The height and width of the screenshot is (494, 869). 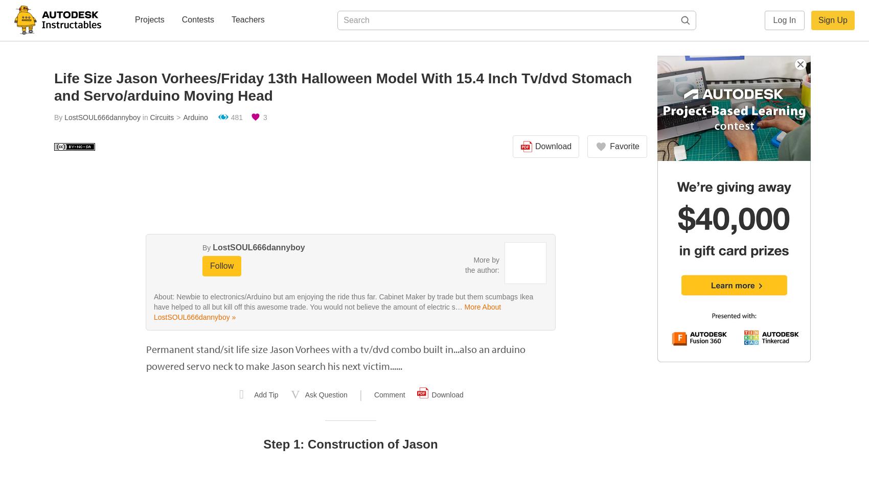 I want to click on 'Add Tip', so click(x=266, y=395).